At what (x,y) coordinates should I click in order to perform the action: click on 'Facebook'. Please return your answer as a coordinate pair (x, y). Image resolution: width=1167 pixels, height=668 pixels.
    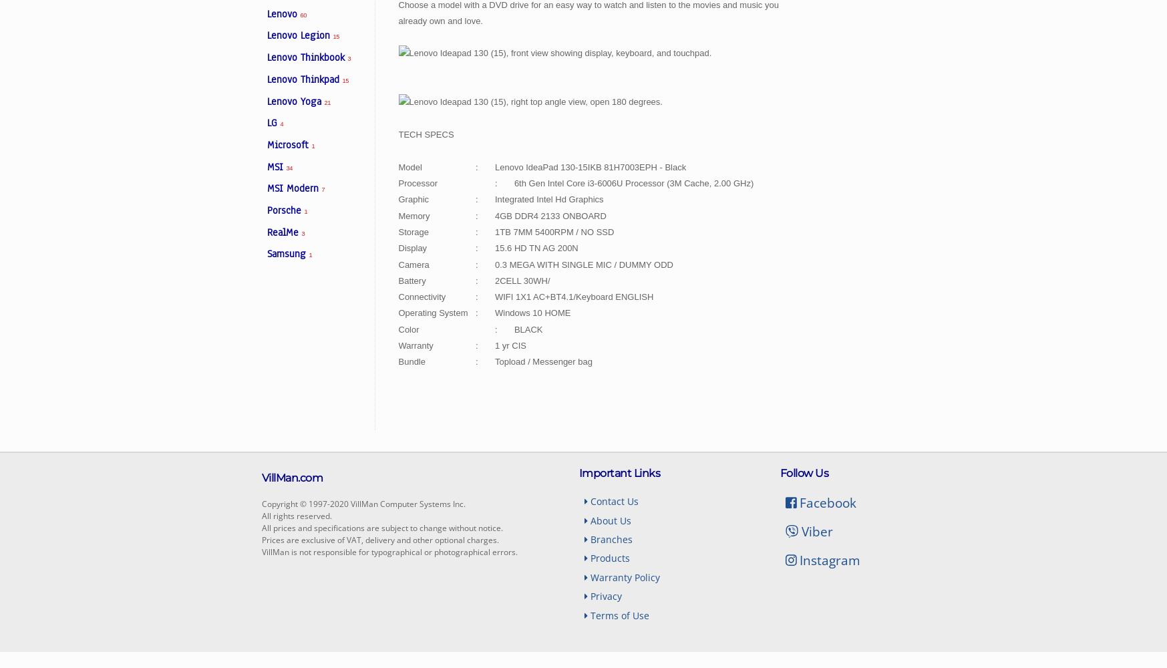
    Looking at the image, I should click on (826, 502).